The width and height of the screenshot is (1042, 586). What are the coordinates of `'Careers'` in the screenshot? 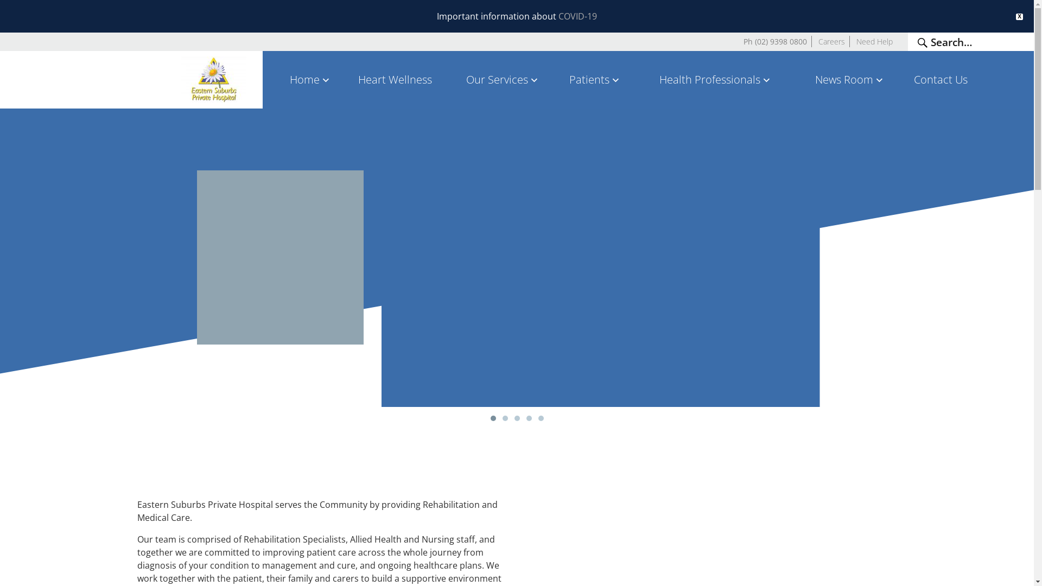 It's located at (818, 41).